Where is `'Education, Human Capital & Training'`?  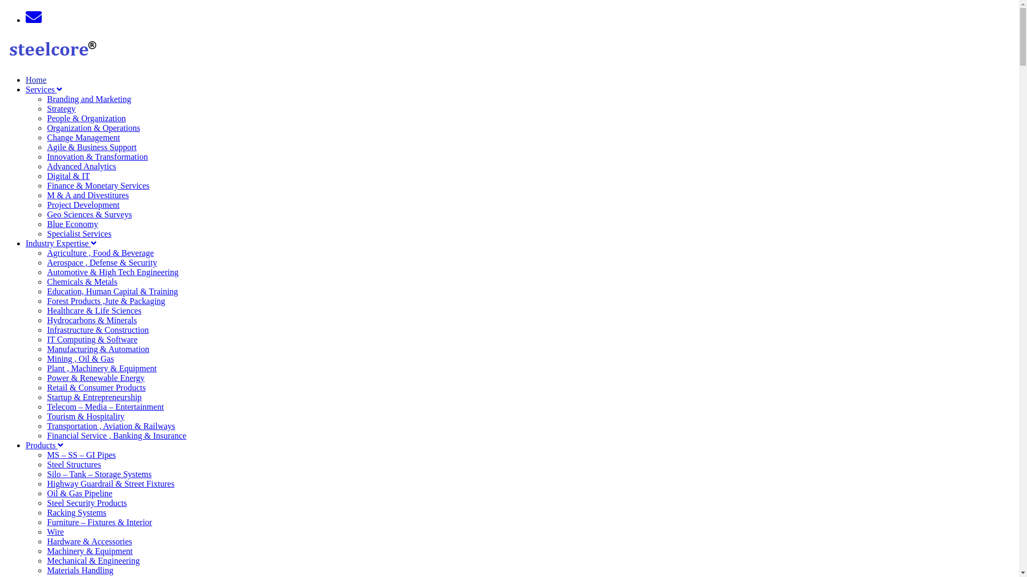 'Education, Human Capital & Training' is located at coordinates (112, 291).